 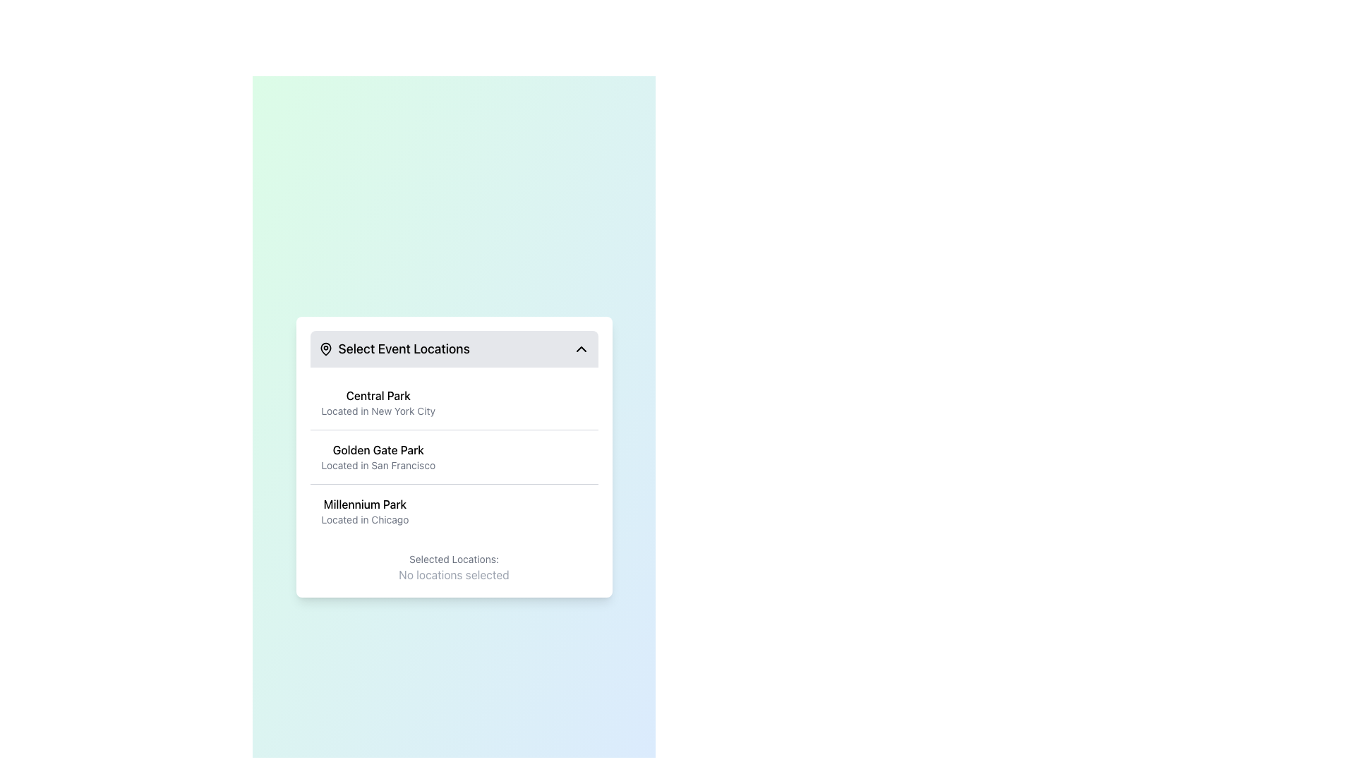 I want to click on the list item element titled 'Central Park', so click(x=454, y=402).